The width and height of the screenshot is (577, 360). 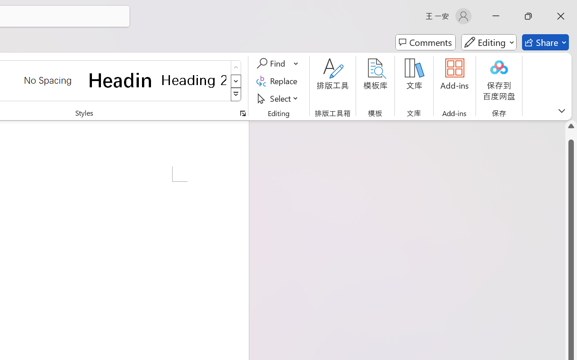 I want to click on 'Row Down', so click(x=236, y=81).